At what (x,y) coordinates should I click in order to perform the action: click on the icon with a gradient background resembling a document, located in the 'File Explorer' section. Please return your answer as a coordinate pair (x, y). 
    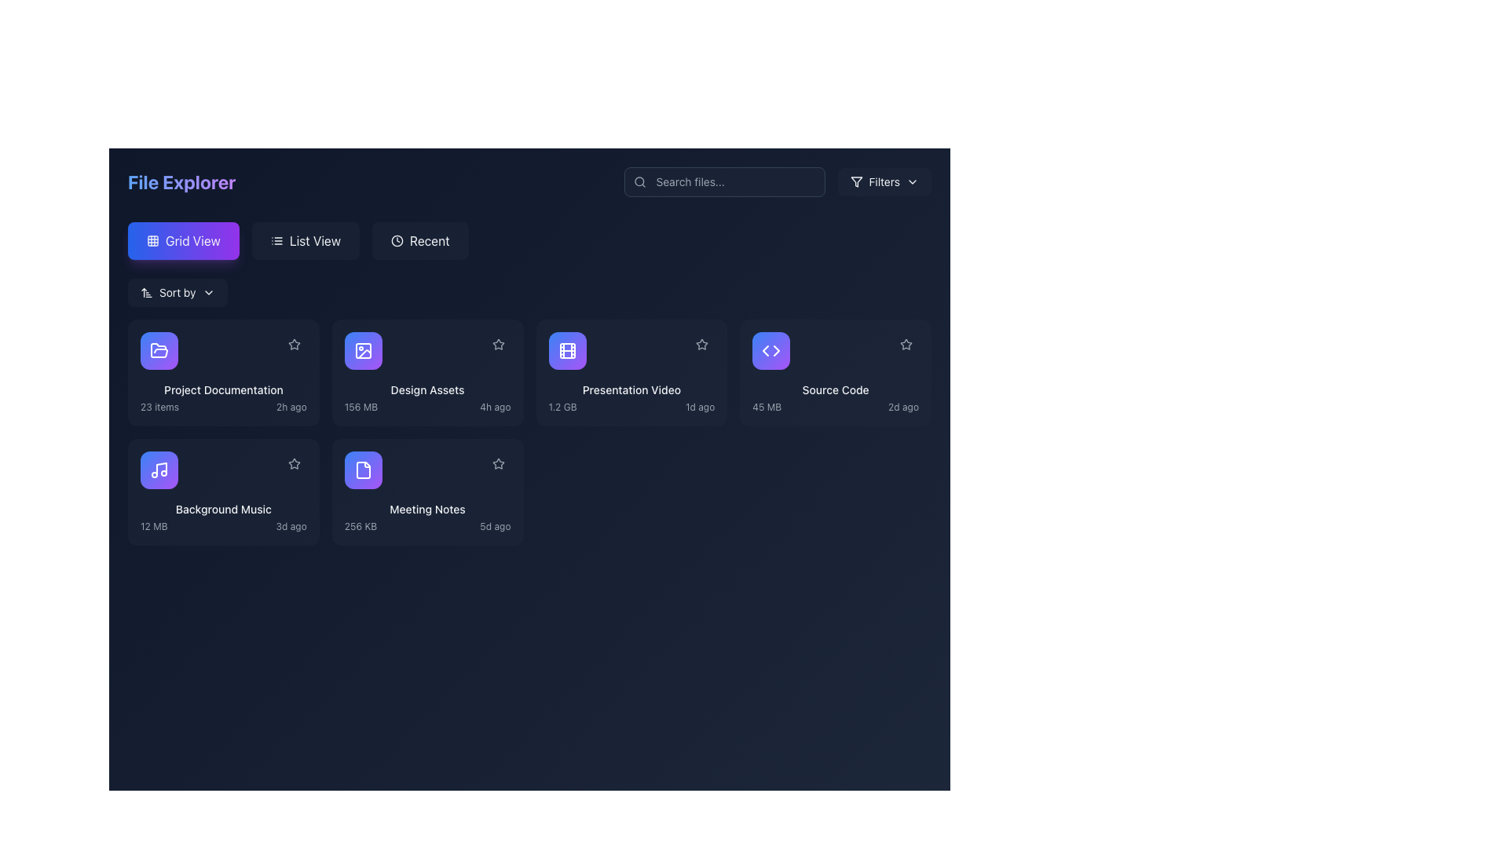
    Looking at the image, I should click on (362, 469).